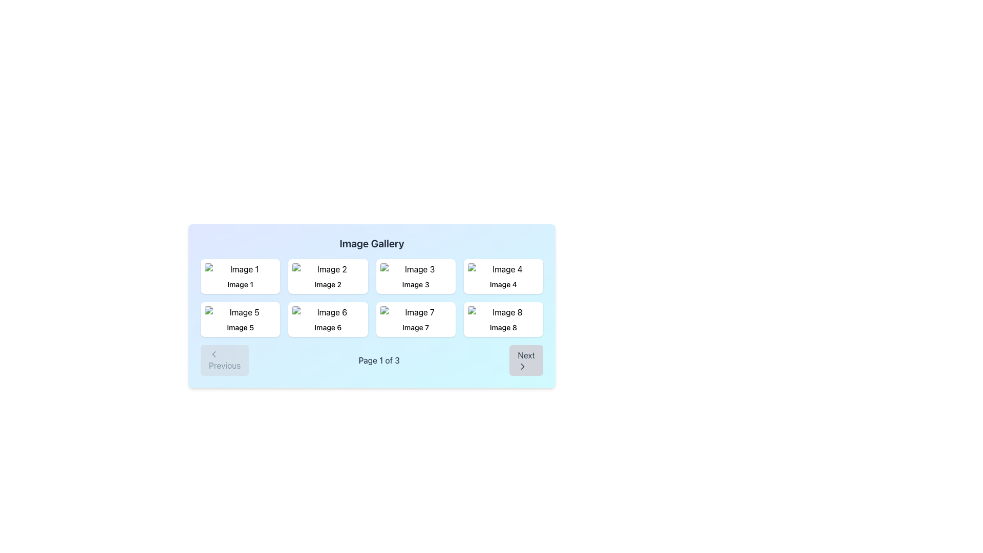 Image resolution: width=983 pixels, height=553 pixels. Describe the element at coordinates (240, 328) in the screenshot. I see `the Text Label located in the second row, first column of the Image Gallery, which provides context for the associated image thumbnail` at that location.